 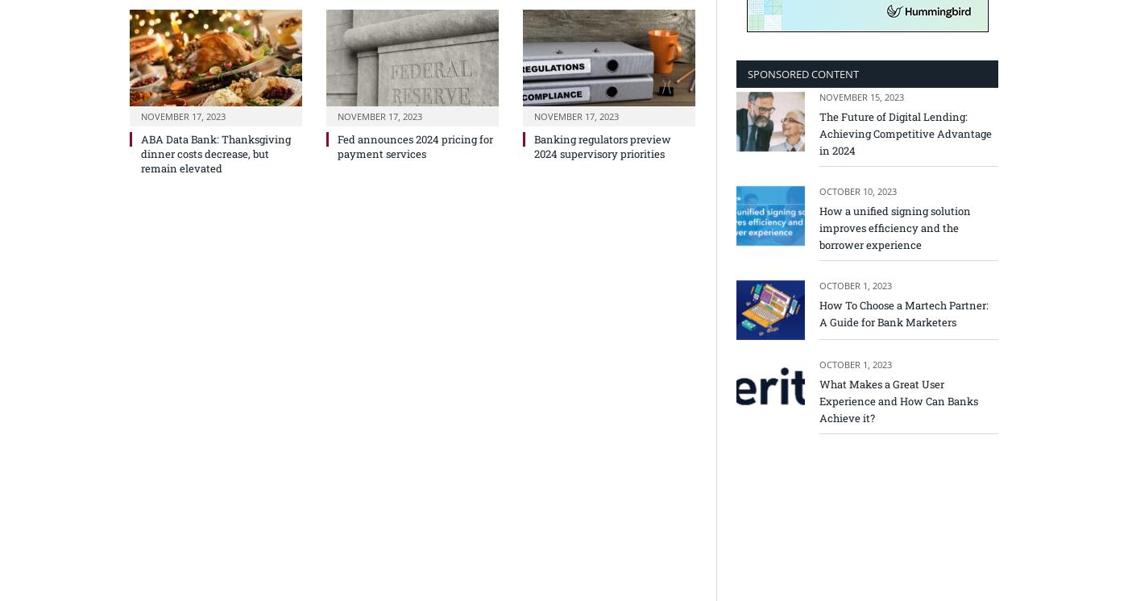 What do you see at coordinates (895, 226) in the screenshot?
I see `'How a unified signing solution improves efficiency and the borrower experience'` at bounding box center [895, 226].